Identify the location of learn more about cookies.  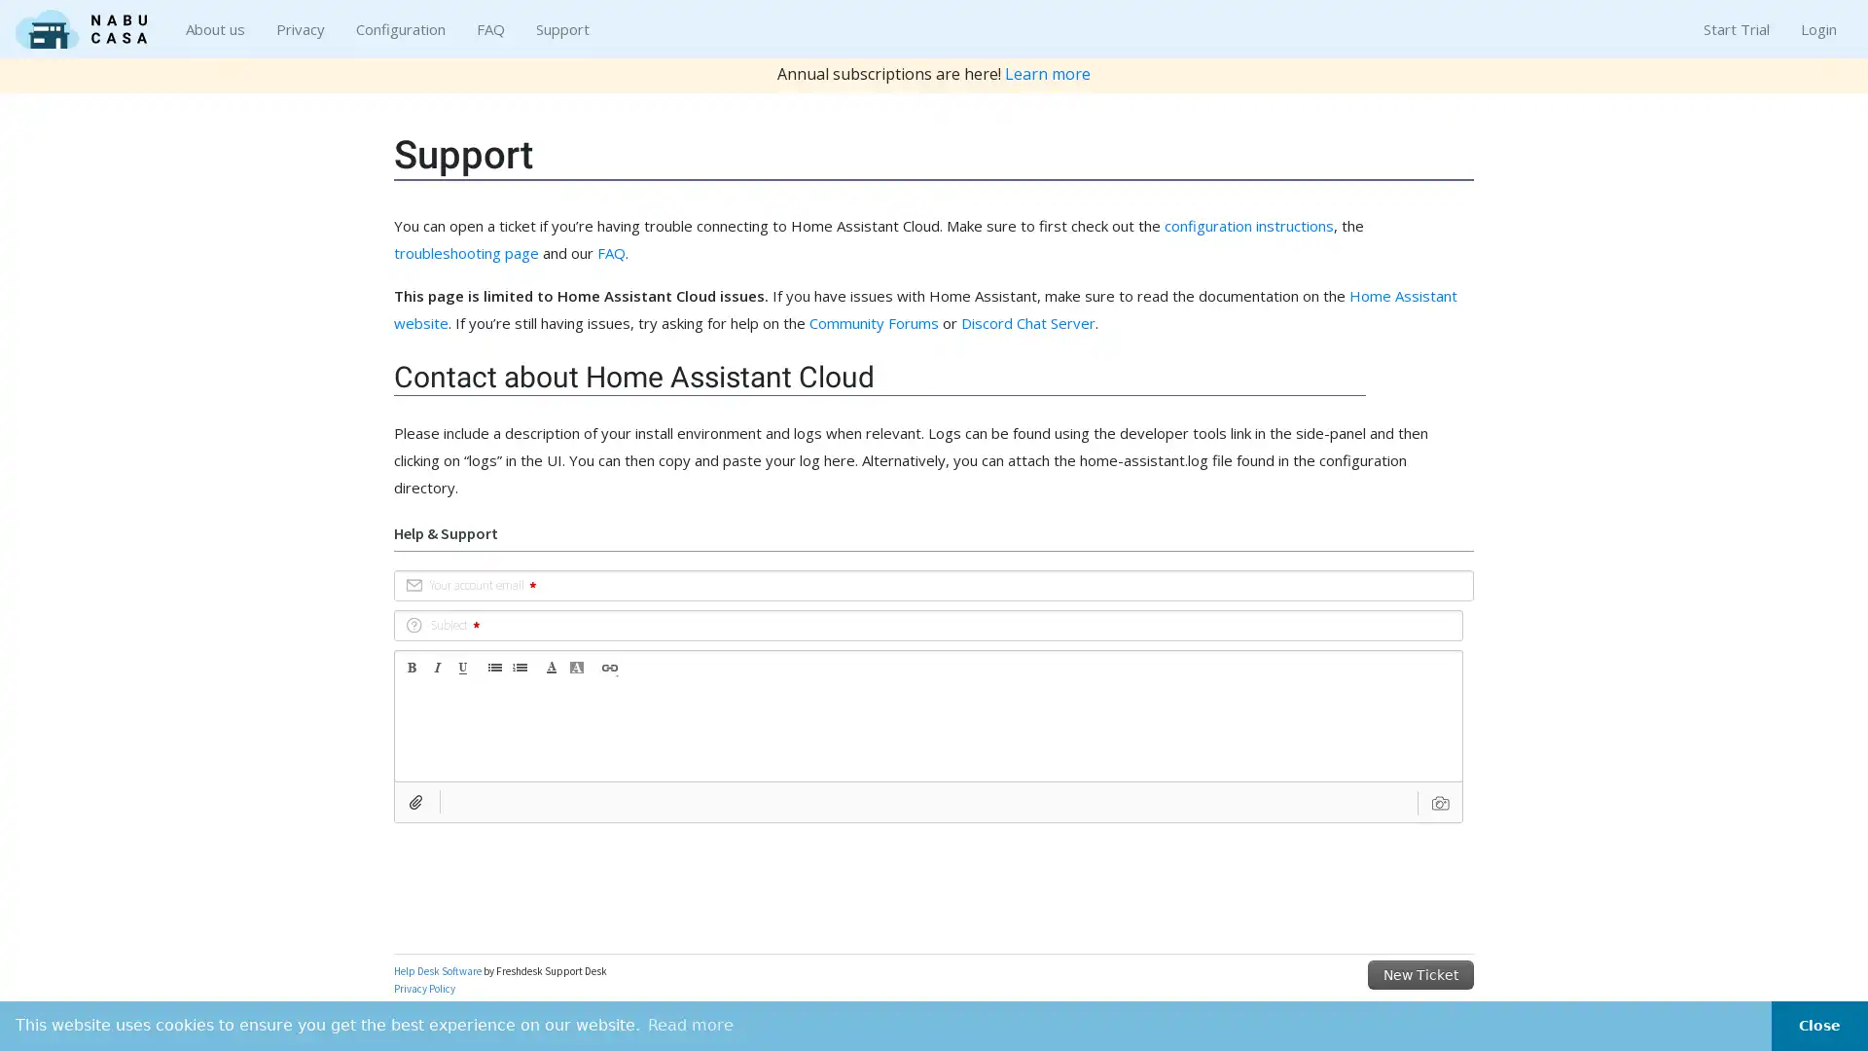
(691, 1024).